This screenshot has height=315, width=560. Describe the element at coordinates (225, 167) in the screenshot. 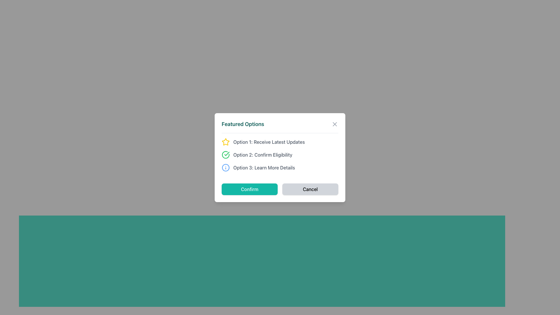

I see `the outermost circular shape of the blue 'info' icon component located at the top-right region of the modal dialog box` at that location.